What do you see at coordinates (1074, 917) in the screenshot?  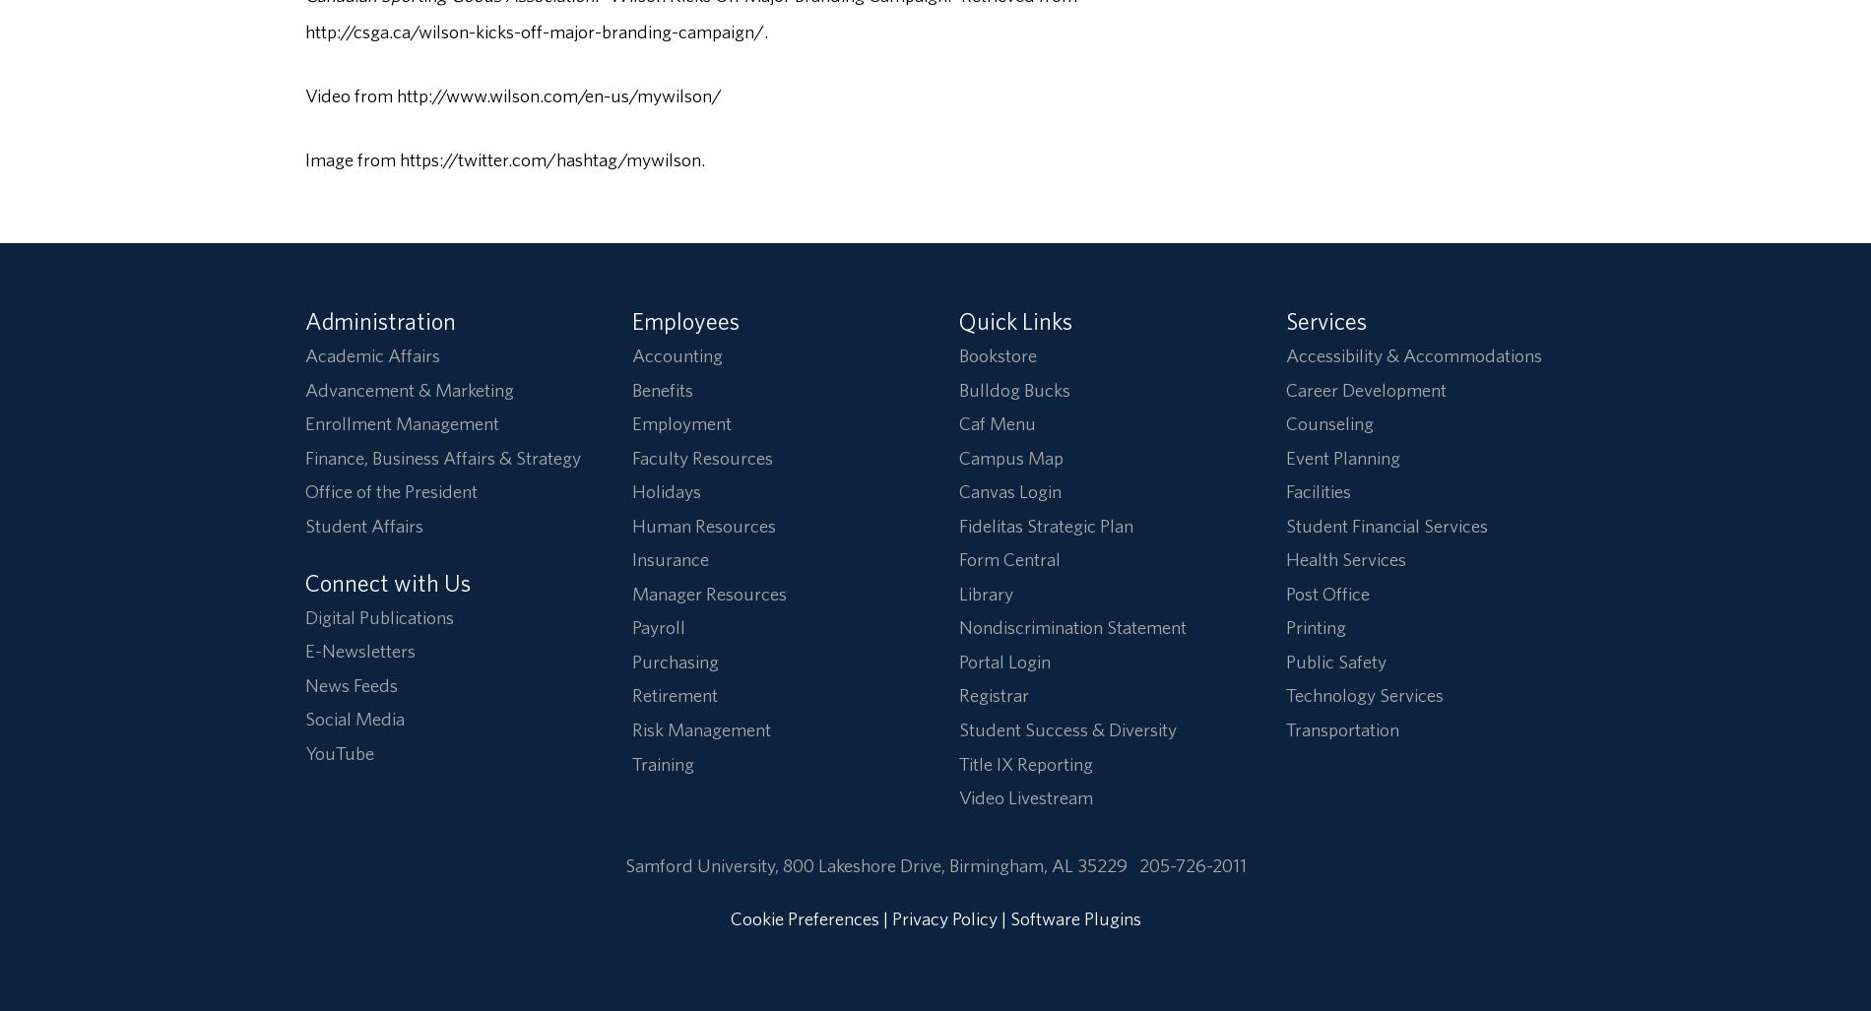 I see `'Software Plugins'` at bounding box center [1074, 917].